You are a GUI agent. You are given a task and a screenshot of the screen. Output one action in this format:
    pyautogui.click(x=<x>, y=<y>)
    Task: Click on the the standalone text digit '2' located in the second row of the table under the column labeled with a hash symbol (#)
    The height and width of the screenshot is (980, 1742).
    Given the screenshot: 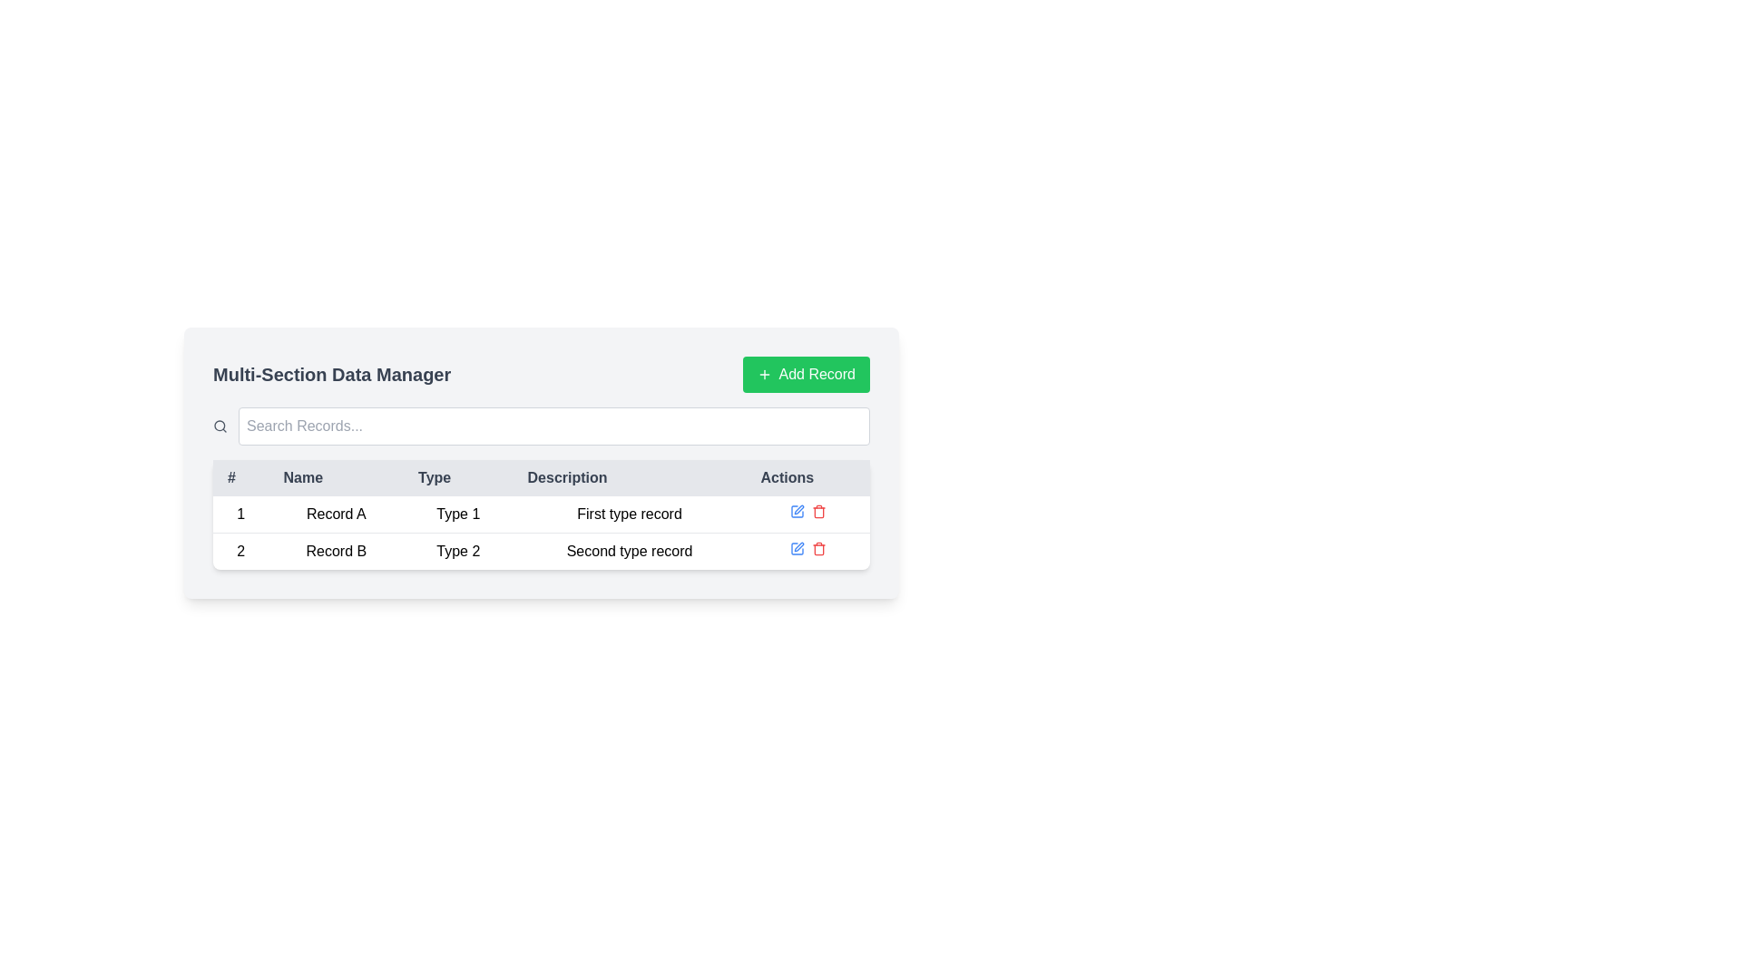 What is the action you would take?
    pyautogui.click(x=240, y=550)
    